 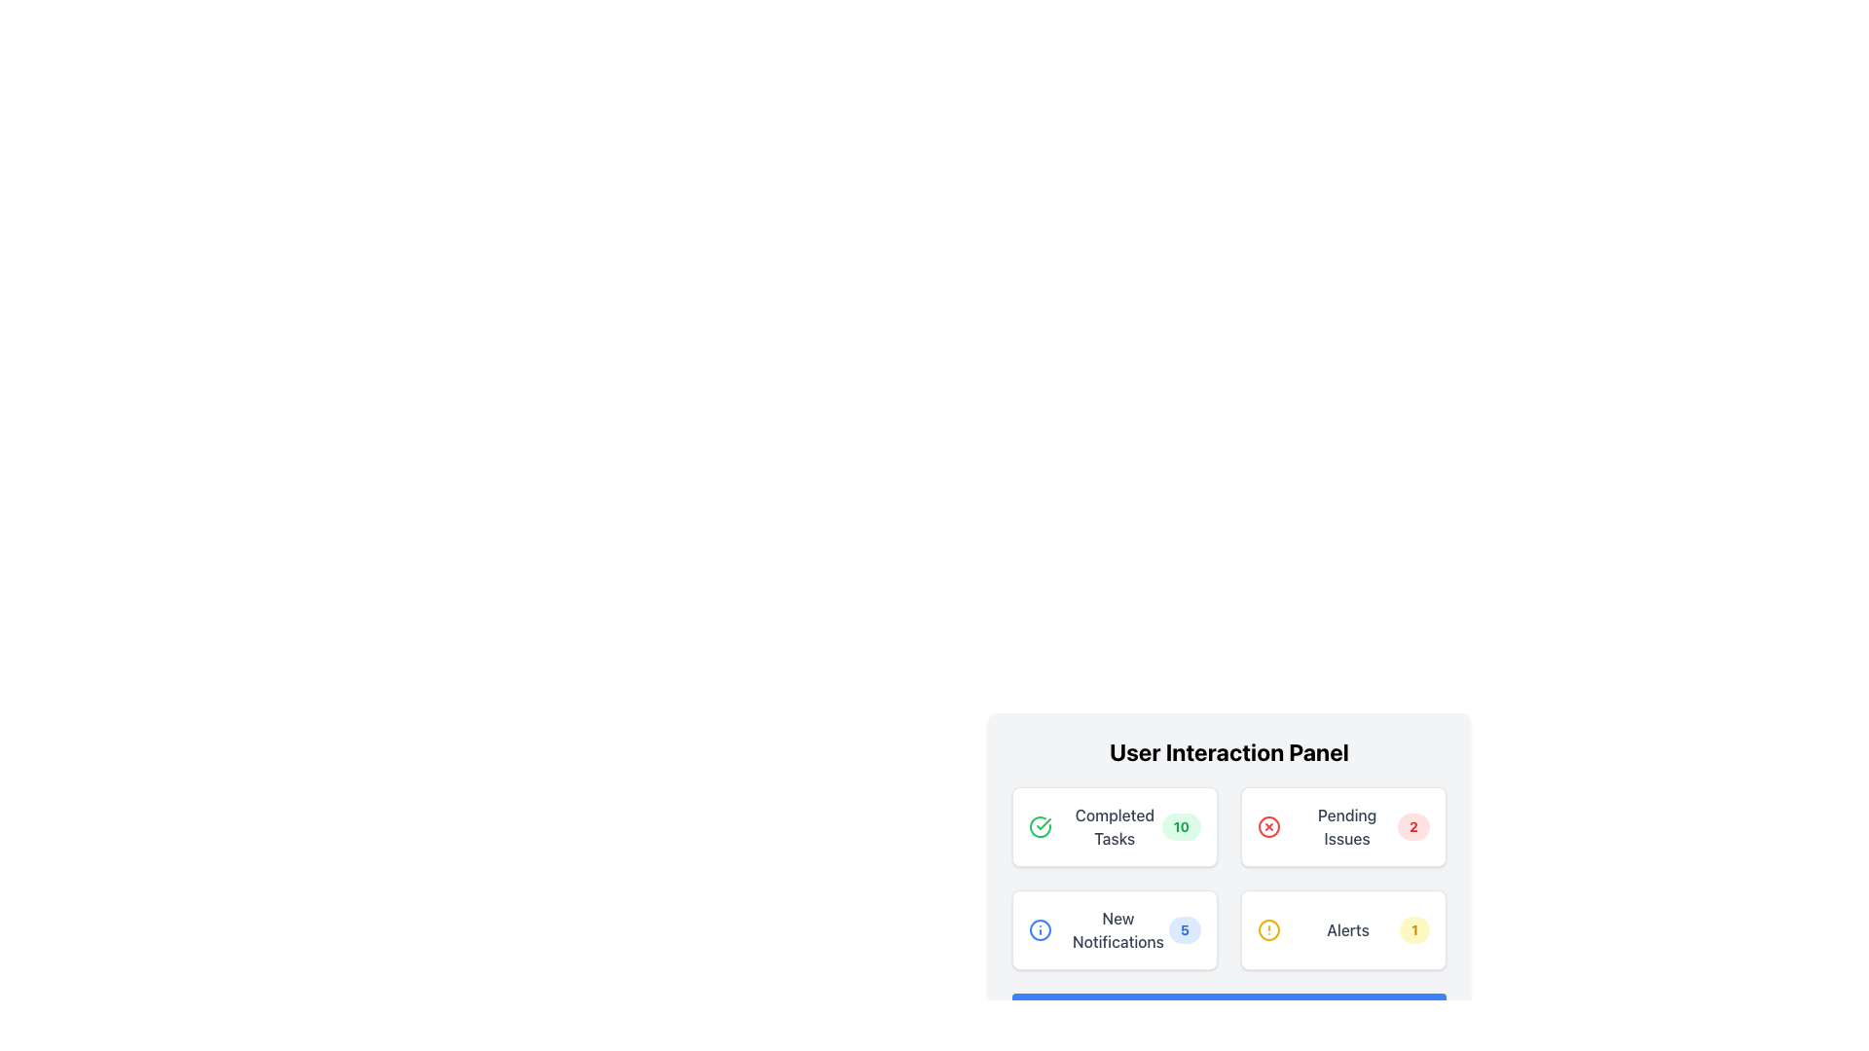 I want to click on the yellow circular warning icon located in the 'Alerts' section, which is adjacent to the label 'Alerts' and displays a yellow badge with the number '1', so click(x=1269, y=929).